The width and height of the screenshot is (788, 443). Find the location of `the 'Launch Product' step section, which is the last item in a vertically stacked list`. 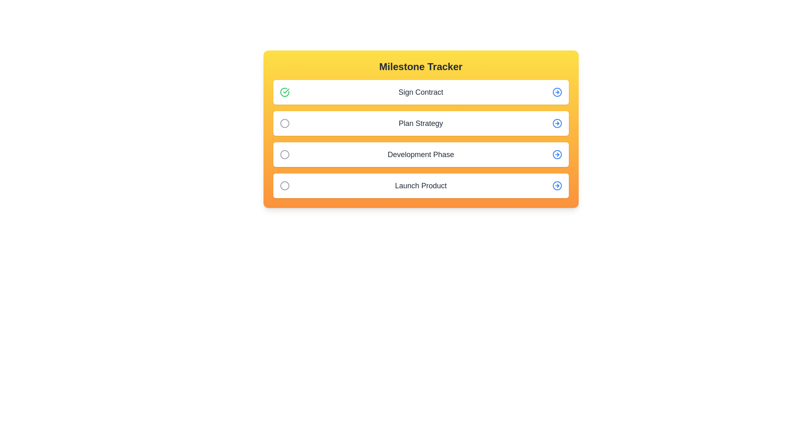

the 'Launch Product' step section, which is the last item in a vertically stacked list is located at coordinates (421, 185).